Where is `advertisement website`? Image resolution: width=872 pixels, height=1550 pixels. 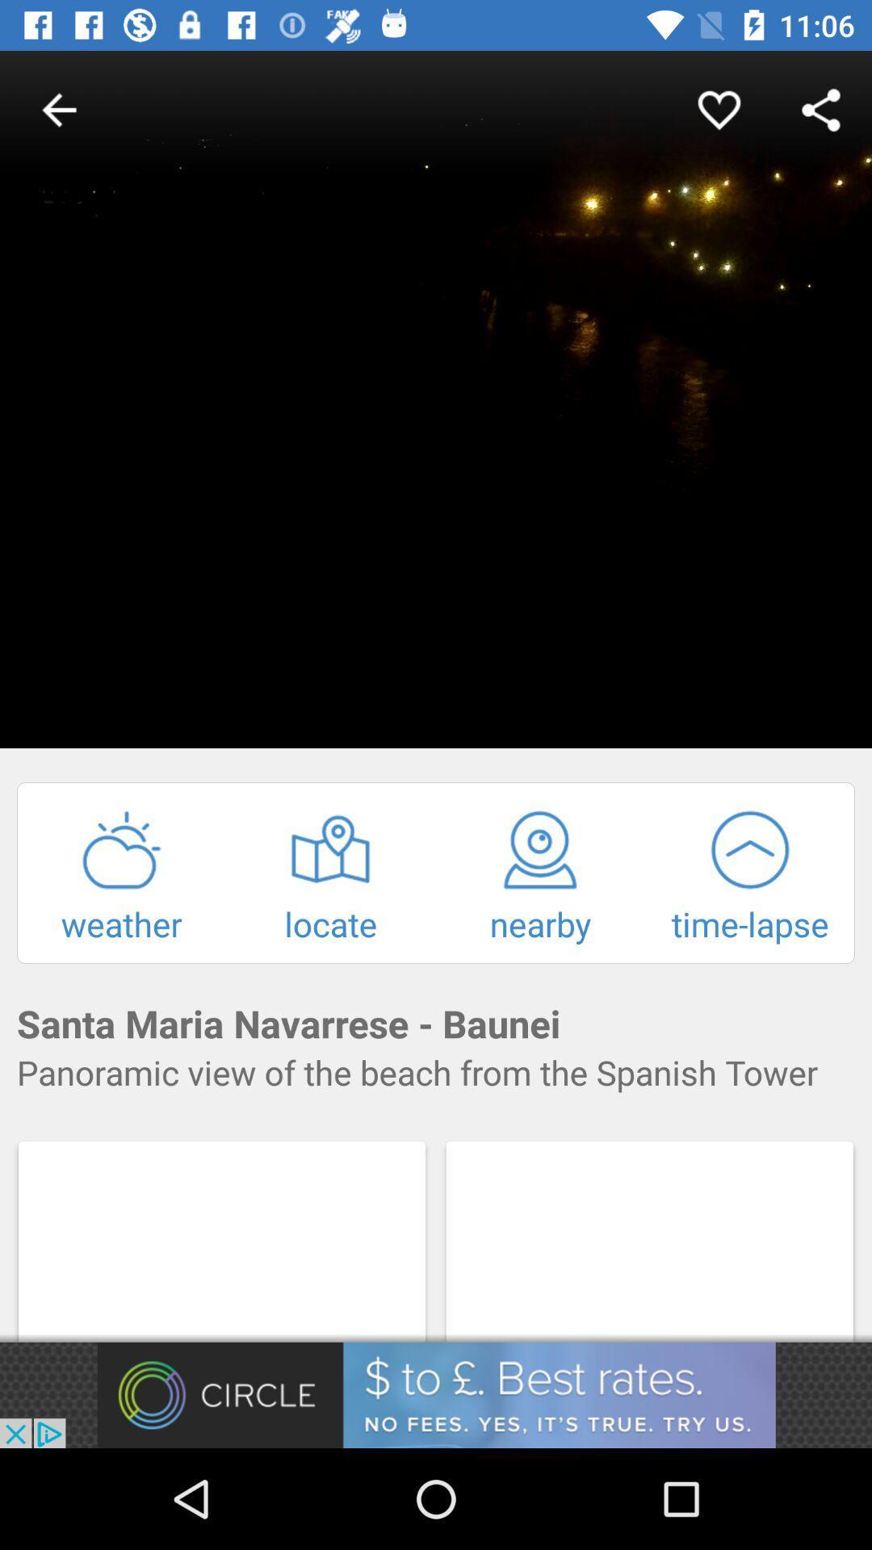 advertisement website is located at coordinates (436, 1394).